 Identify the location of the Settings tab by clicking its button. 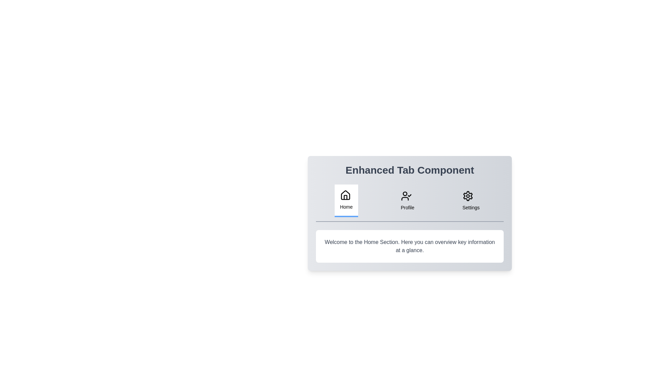
(470, 200).